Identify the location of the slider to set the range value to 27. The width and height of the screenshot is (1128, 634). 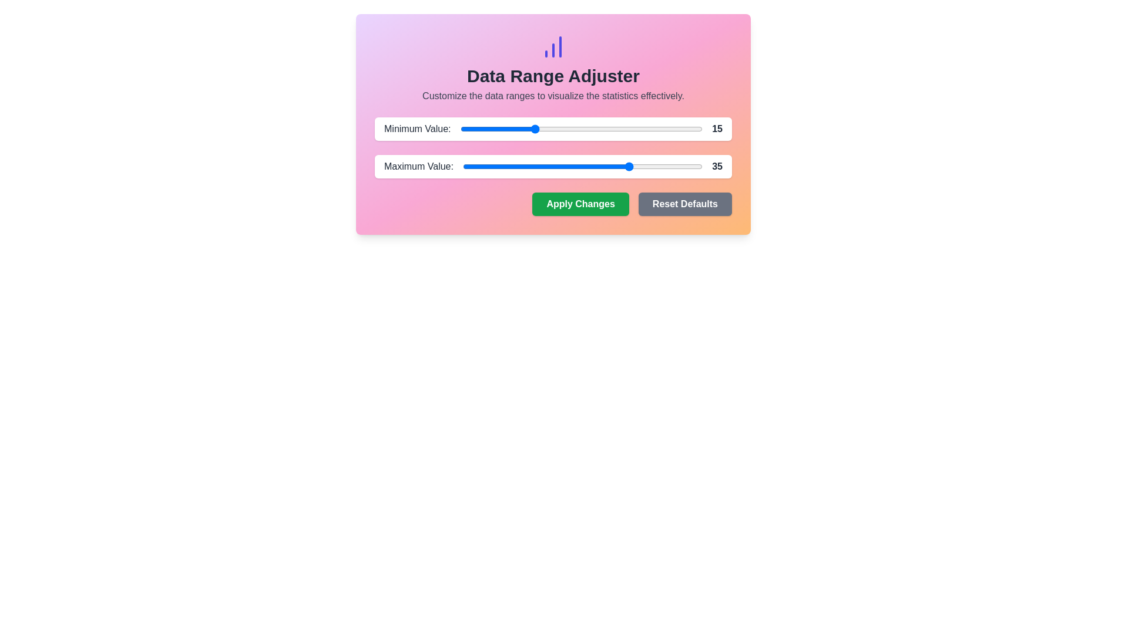
(591, 129).